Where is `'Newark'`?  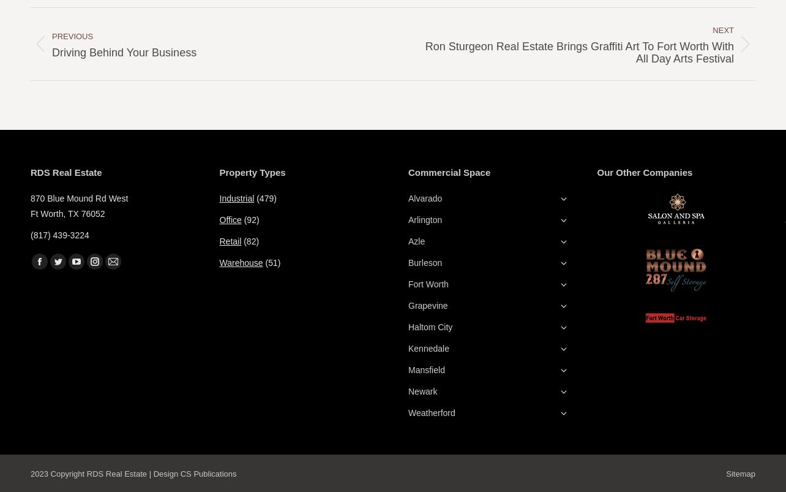 'Newark' is located at coordinates (422, 392).